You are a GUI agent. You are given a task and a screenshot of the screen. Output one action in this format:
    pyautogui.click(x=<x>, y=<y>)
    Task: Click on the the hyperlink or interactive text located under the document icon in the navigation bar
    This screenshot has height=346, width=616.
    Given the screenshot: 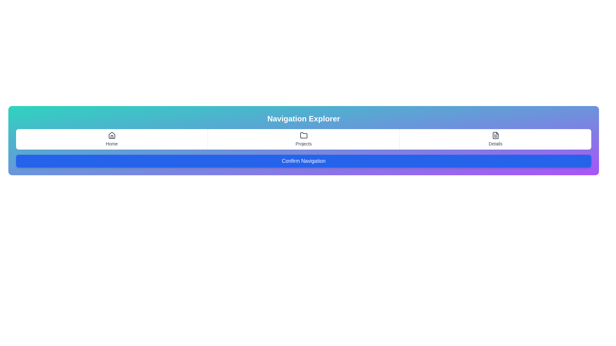 What is the action you would take?
    pyautogui.click(x=495, y=143)
    